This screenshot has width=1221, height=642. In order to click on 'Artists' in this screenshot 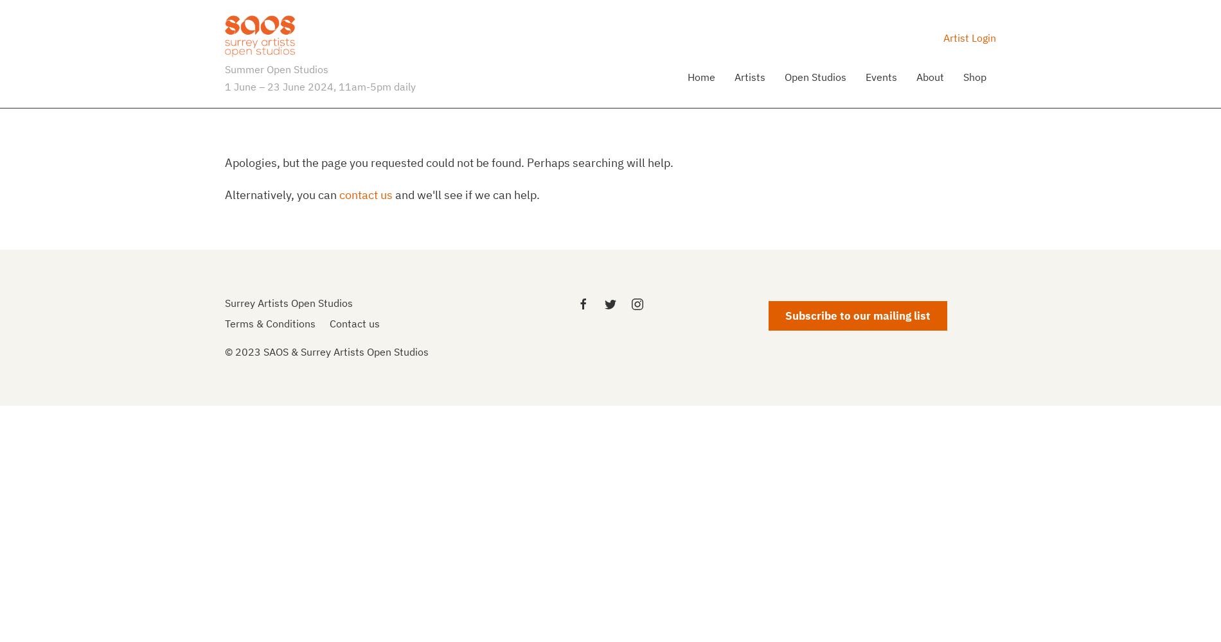, I will do `click(749, 75)`.